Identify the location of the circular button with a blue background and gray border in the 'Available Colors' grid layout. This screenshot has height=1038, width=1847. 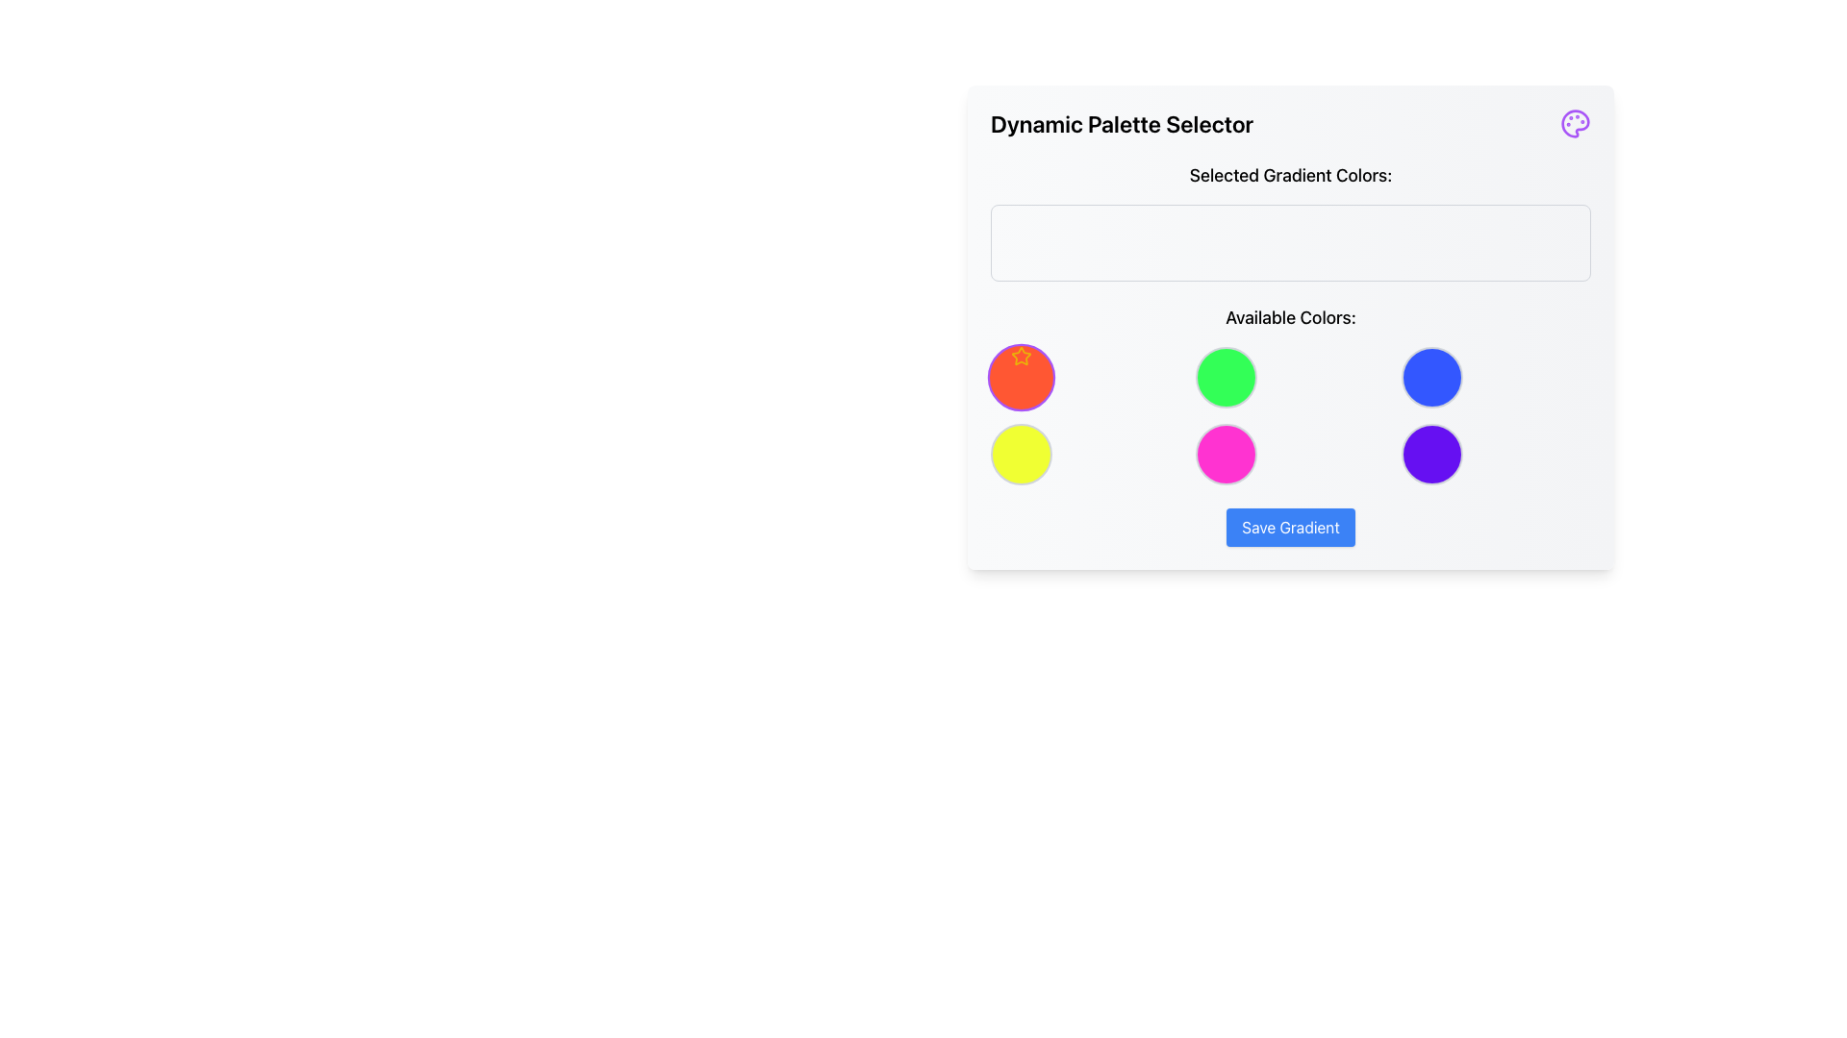
(1431, 378).